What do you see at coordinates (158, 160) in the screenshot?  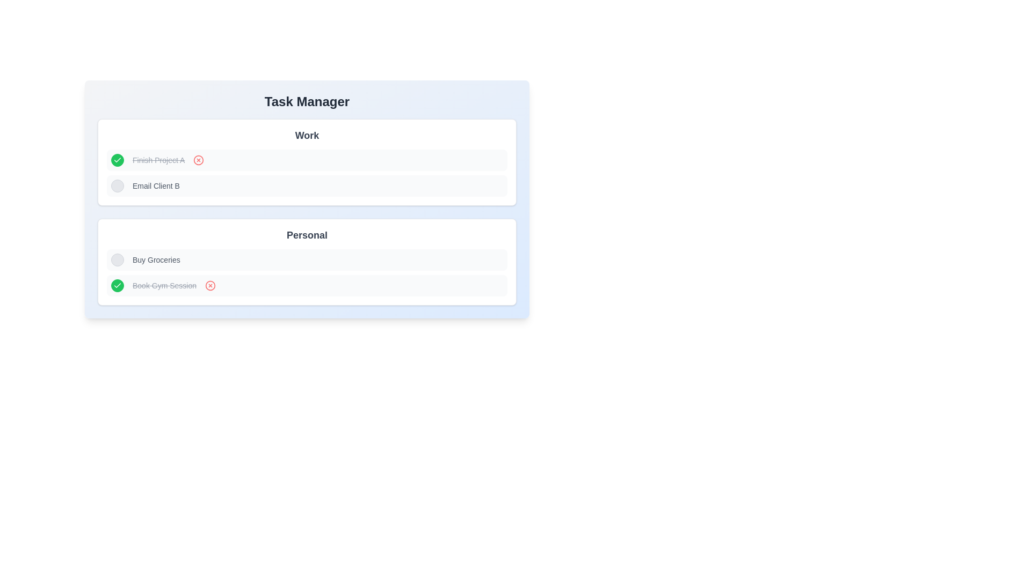 I see `the static text label displaying 'Finish Project A', which is styled with a gray line-through to indicate completion in the task manager interface` at bounding box center [158, 160].